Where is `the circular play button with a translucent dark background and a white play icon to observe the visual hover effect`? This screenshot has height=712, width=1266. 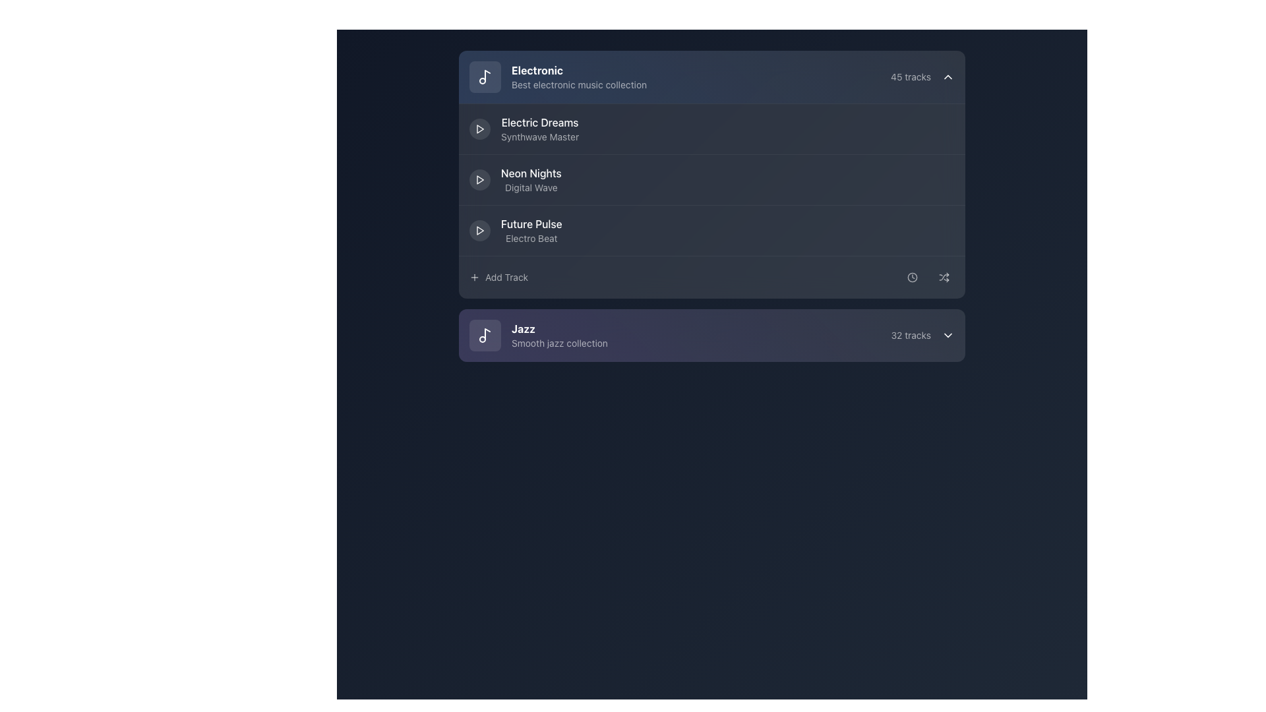 the circular play button with a translucent dark background and a white play icon to observe the visual hover effect is located at coordinates (479, 180).